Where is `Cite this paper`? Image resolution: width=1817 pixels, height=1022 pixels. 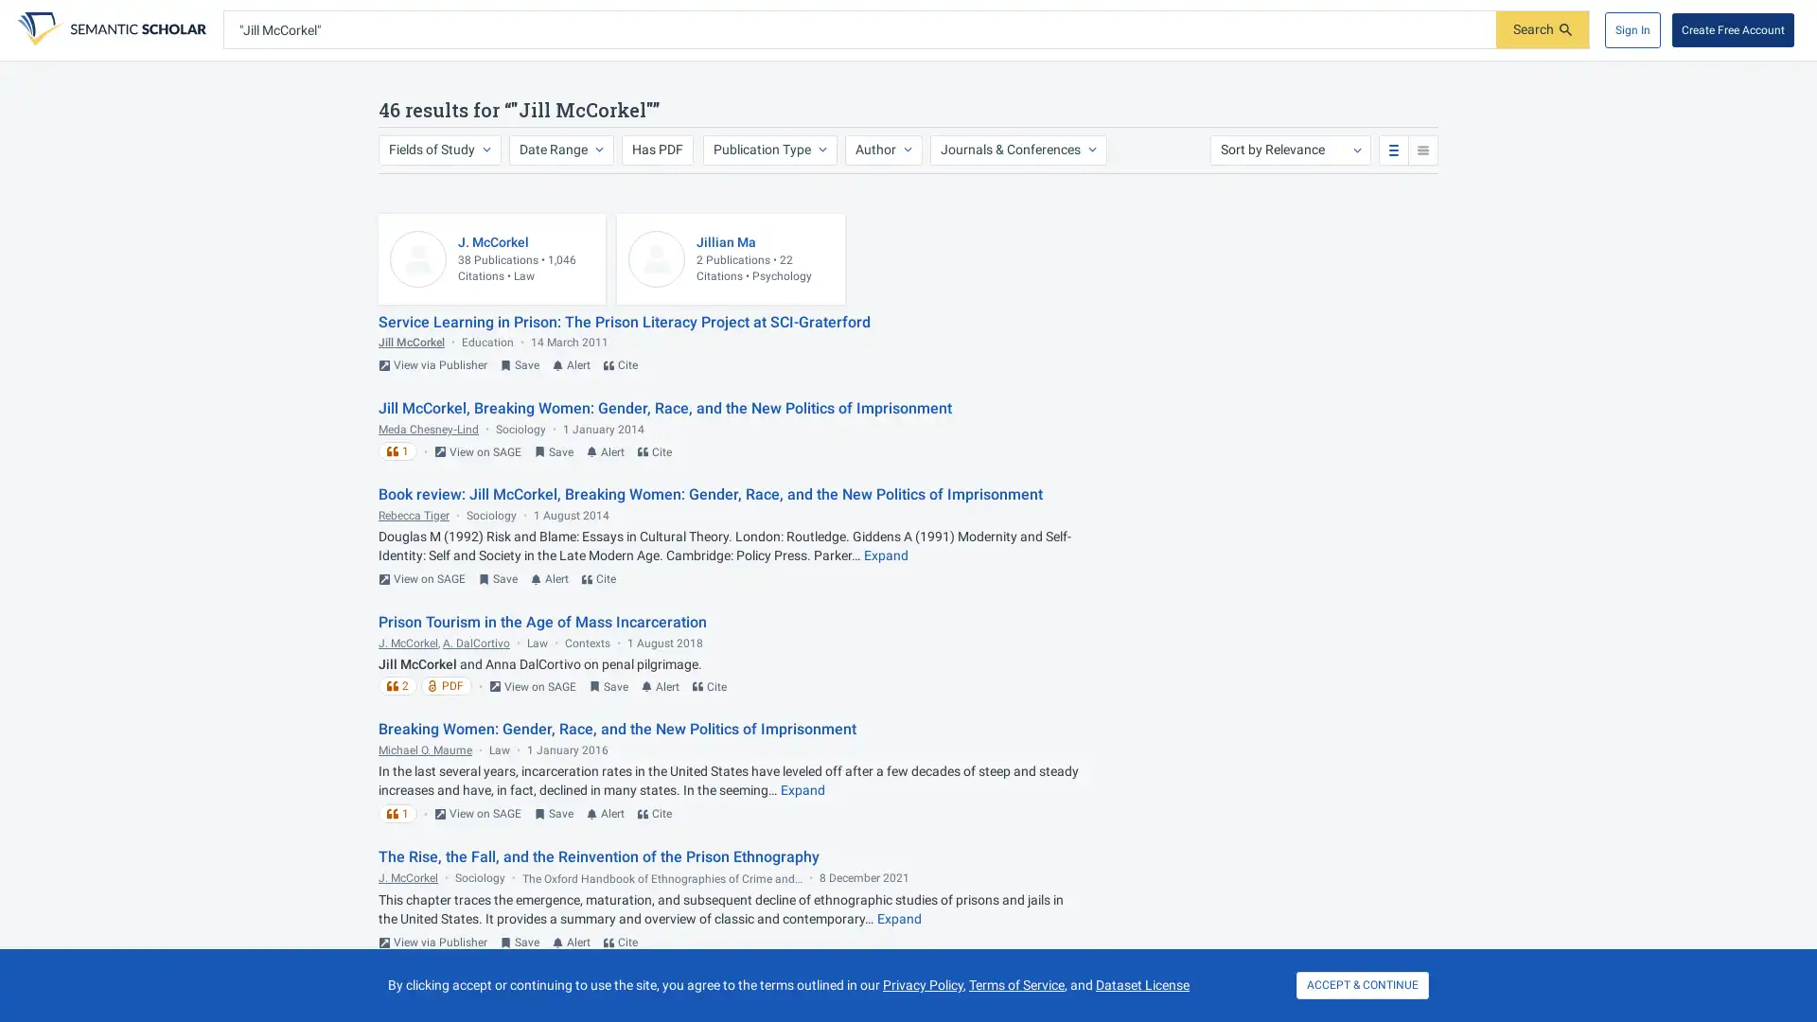
Cite this paper is located at coordinates (654, 813).